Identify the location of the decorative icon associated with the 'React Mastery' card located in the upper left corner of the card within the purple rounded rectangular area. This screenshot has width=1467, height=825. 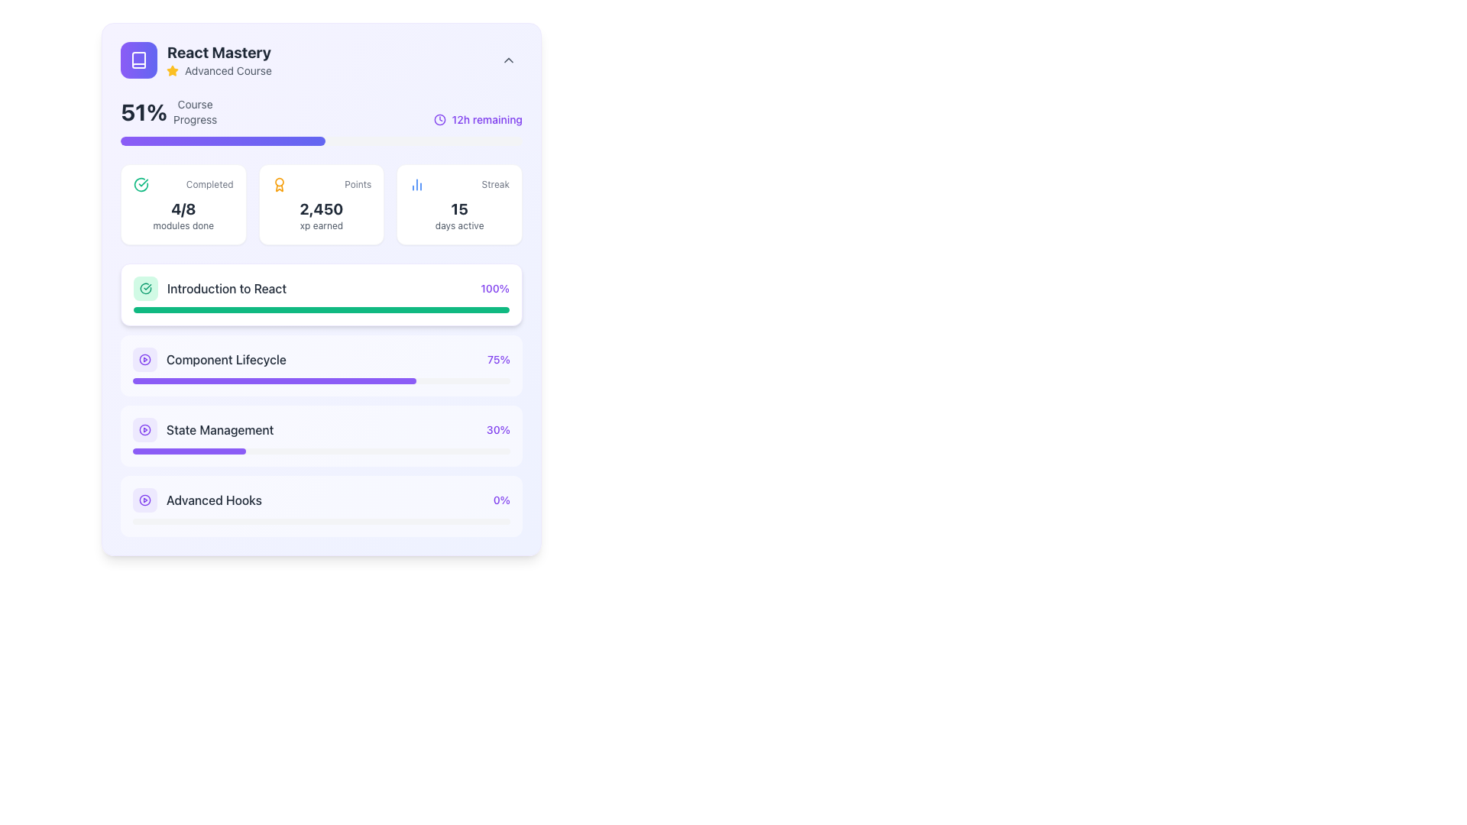
(139, 59).